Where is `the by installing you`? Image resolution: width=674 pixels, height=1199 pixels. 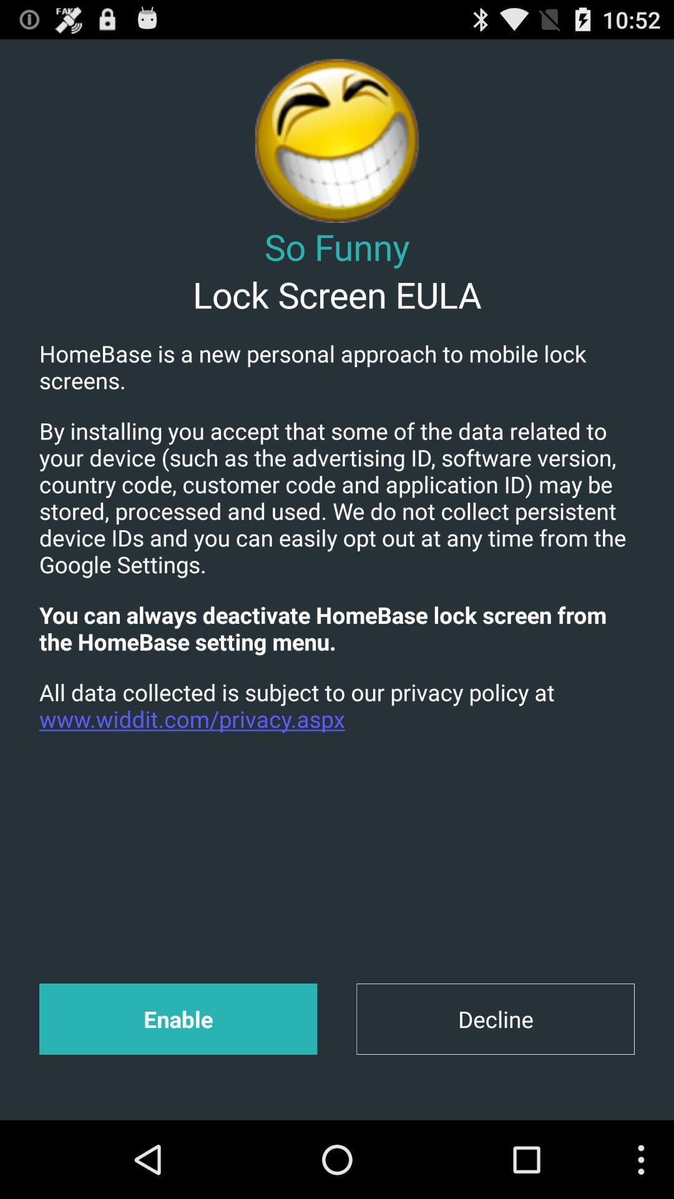
the by installing you is located at coordinates (337, 496).